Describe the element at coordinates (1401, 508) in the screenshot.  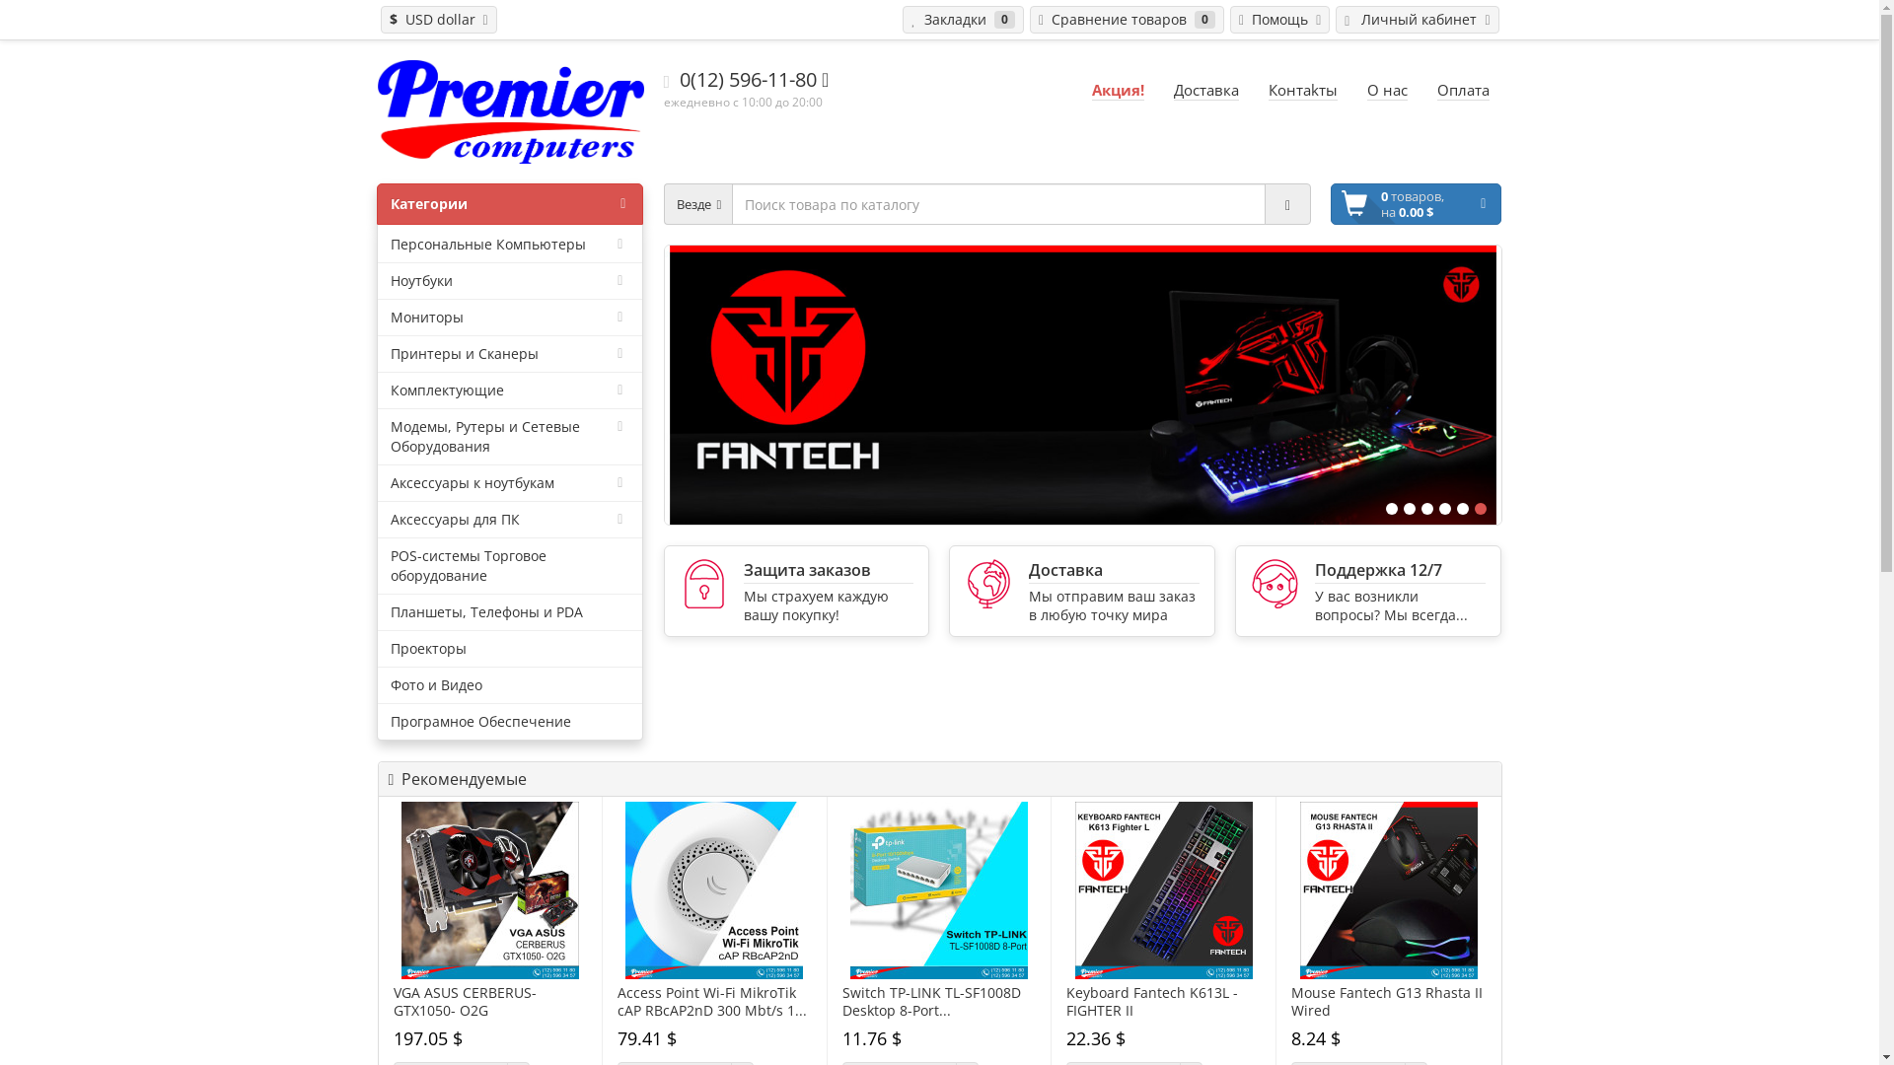
I see `'2'` at that location.